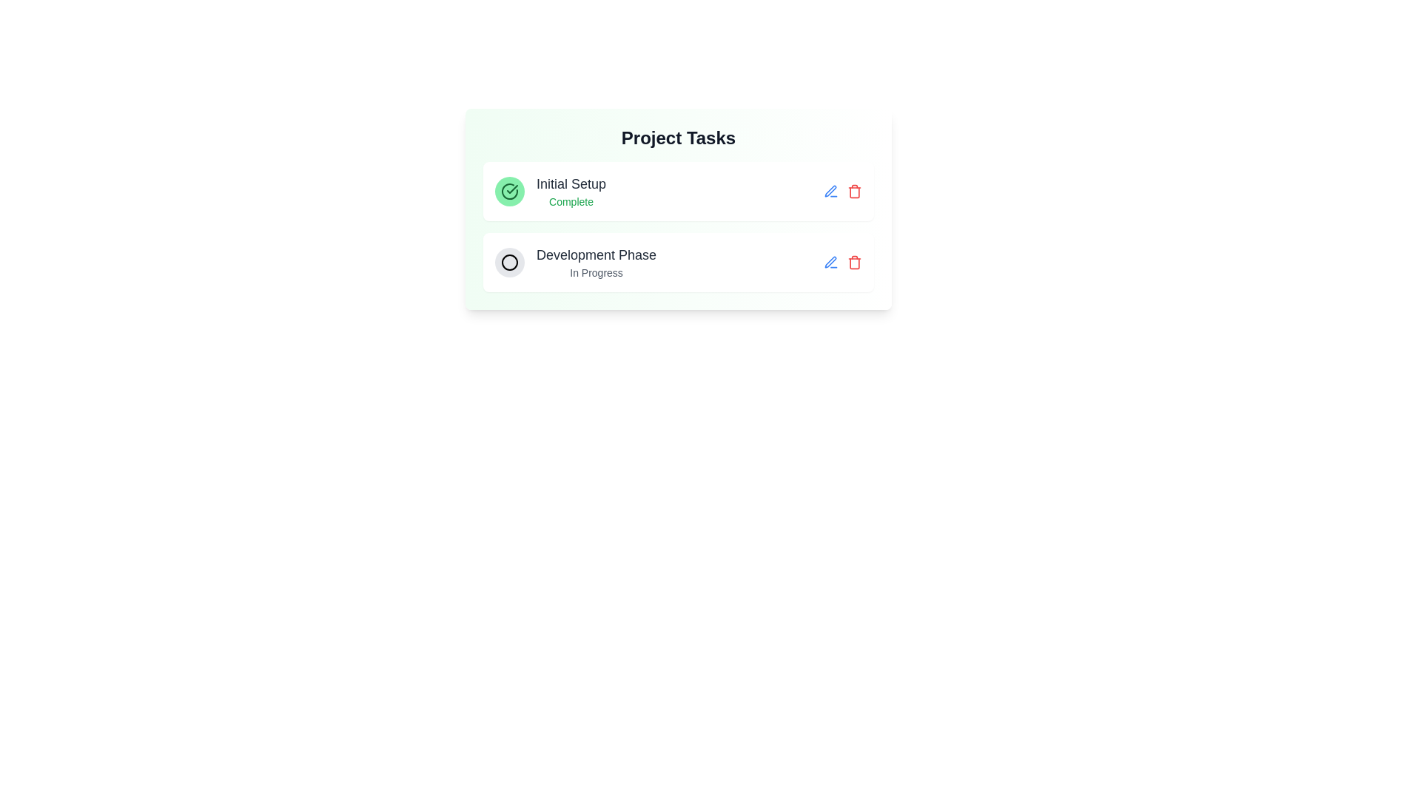 This screenshot has width=1421, height=799. What do you see at coordinates (510, 261) in the screenshot?
I see `the circle element within the SVG that represents the status or category of the respective task, located in the second row's icon section of the task list` at bounding box center [510, 261].